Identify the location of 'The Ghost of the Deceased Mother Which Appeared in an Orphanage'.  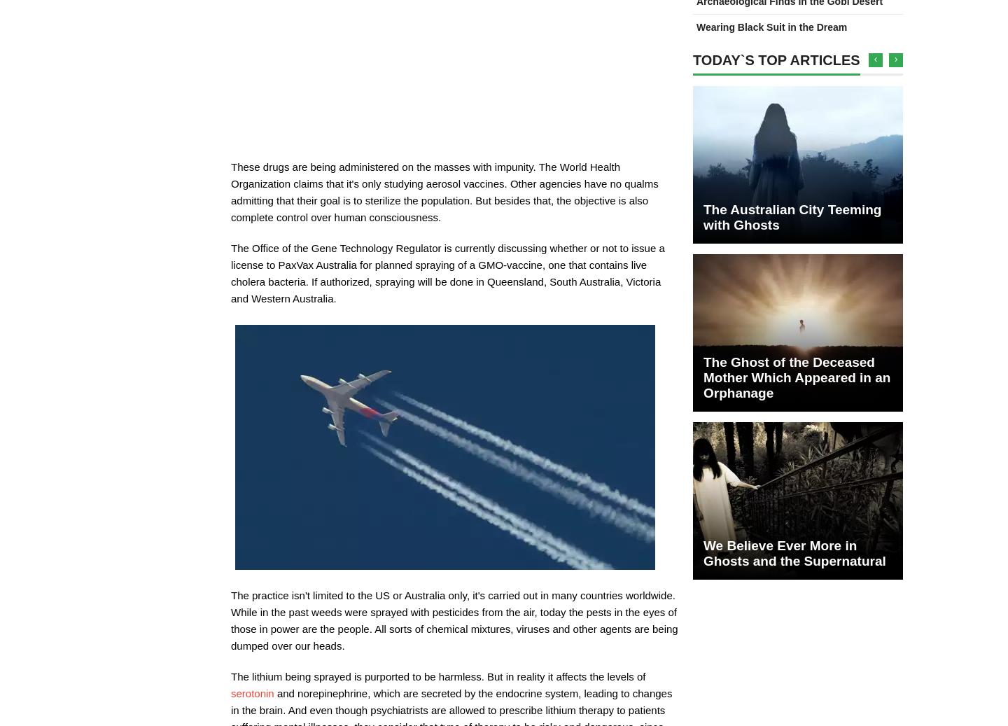
(702, 377).